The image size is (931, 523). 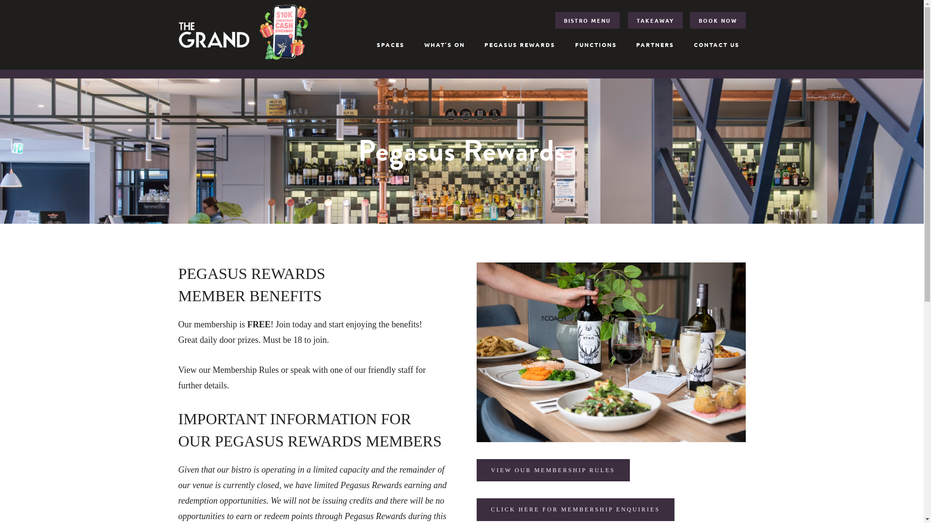 I want to click on 'BISTRO MENU', so click(x=587, y=20).